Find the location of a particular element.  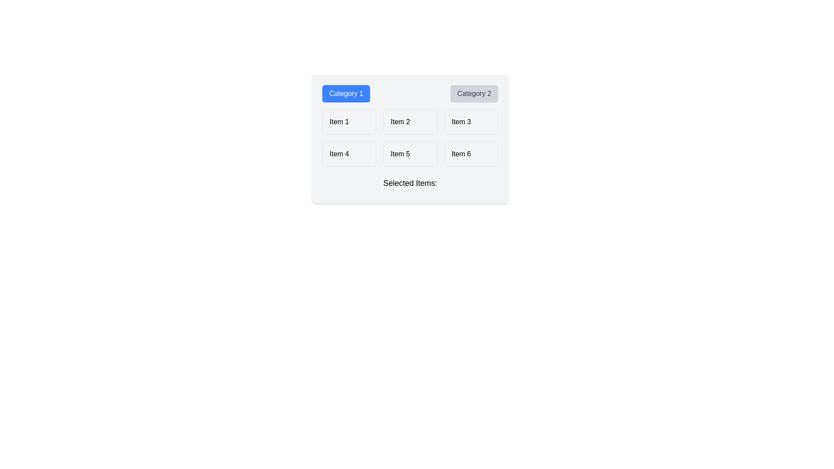

the selectable text label 'Item 4' located in the second row under 'Category 1' to trigger a state change is located at coordinates (339, 153).